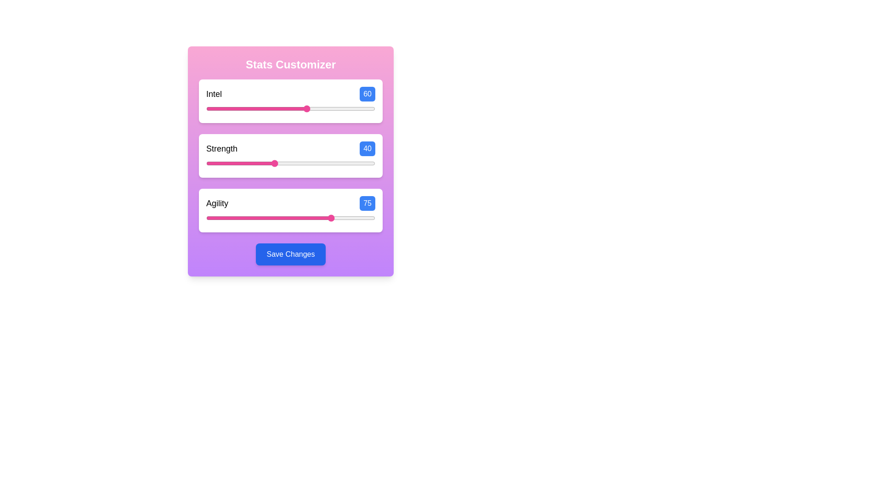 This screenshot has height=496, width=882. What do you see at coordinates (290, 203) in the screenshot?
I see `the 'Agility' textual indicator with a numeric badge displaying '75', which is part of a card layout in a vertical arrangement` at bounding box center [290, 203].